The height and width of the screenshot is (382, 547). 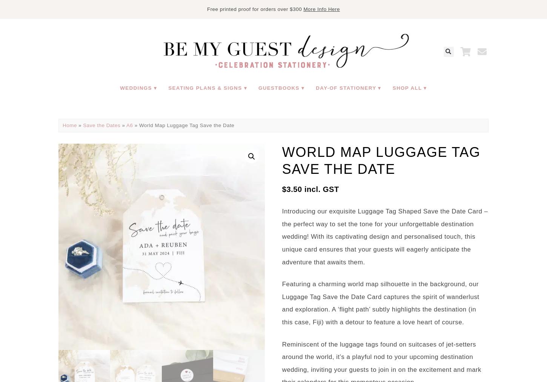 I want to click on 'Seating Plans & Signs', so click(x=168, y=87).